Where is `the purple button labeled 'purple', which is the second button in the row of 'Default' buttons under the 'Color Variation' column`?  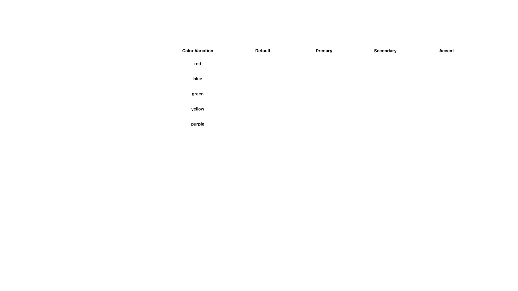
the purple button labeled 'purple', which is the second button in the row of 'Default' buttons under the 'Color Variation' column is located at coordinates (263, 124).